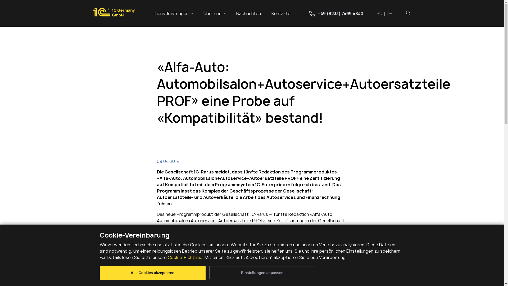 This screenshot has width=508, height=286. Describe the element at coordinates (389, 13) in the screenshot. I see `'DE'` at that location.